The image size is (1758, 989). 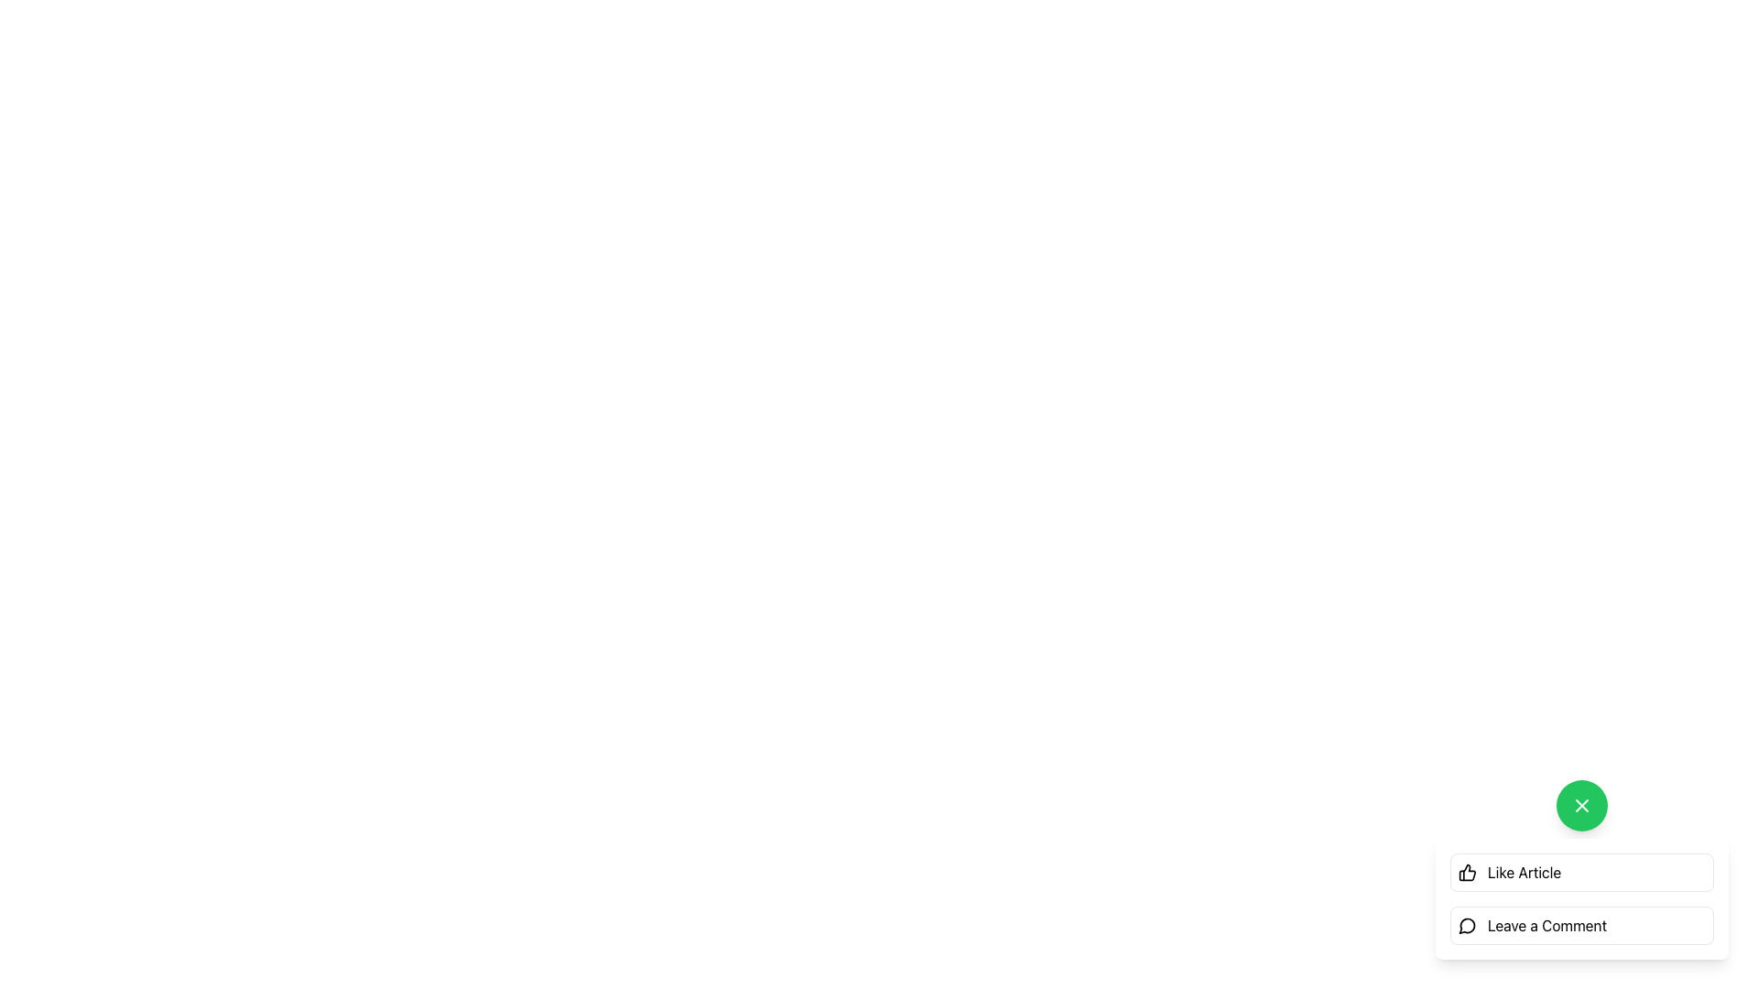 What do you see at coordinates (1581, 871) in the screenshot?
I see `the 'like' button located at the bottom-right corner of the interface, which is the first item in a vertical layout of a white card, to register a like for the article` at bounding box center [1581, 871].